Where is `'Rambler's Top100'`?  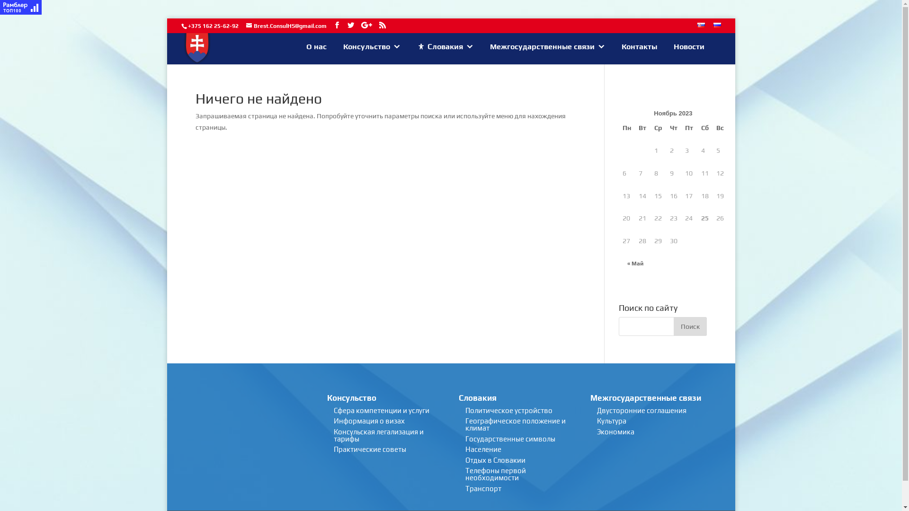
'Rambler's Top100' is located at coordinates (20, 7).